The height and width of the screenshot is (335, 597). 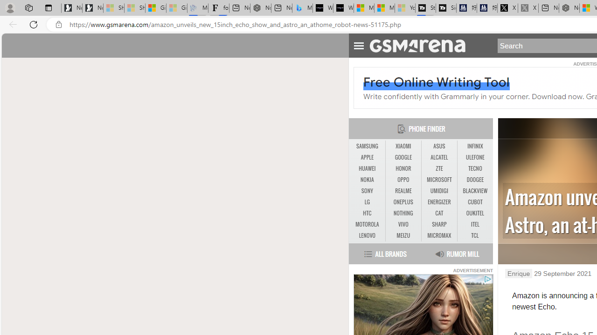 I want to click on 'ONEPLUS', so click(x=403, y=201).